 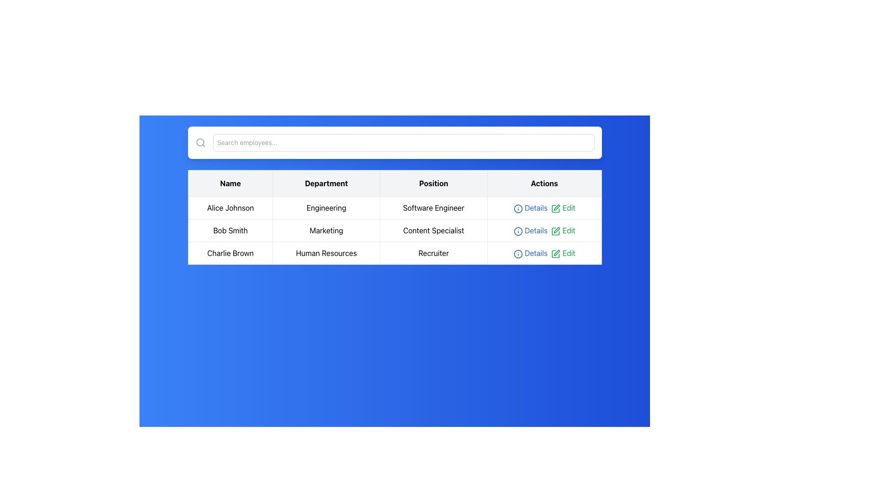 I want to click on keyboard navigation, so click(x=556, y=253).